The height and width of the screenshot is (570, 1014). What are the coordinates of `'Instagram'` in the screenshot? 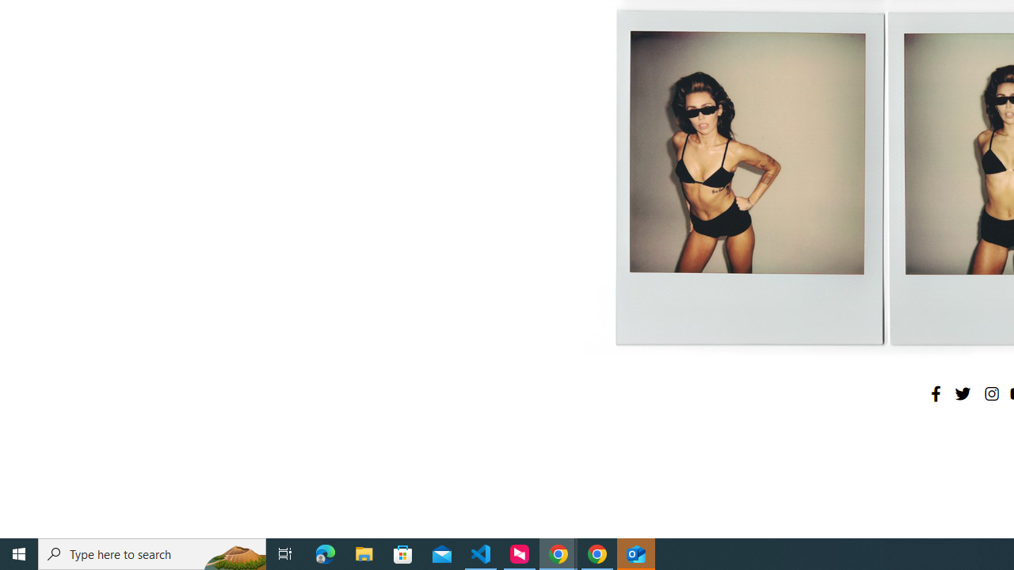 It's located at (990, 393).